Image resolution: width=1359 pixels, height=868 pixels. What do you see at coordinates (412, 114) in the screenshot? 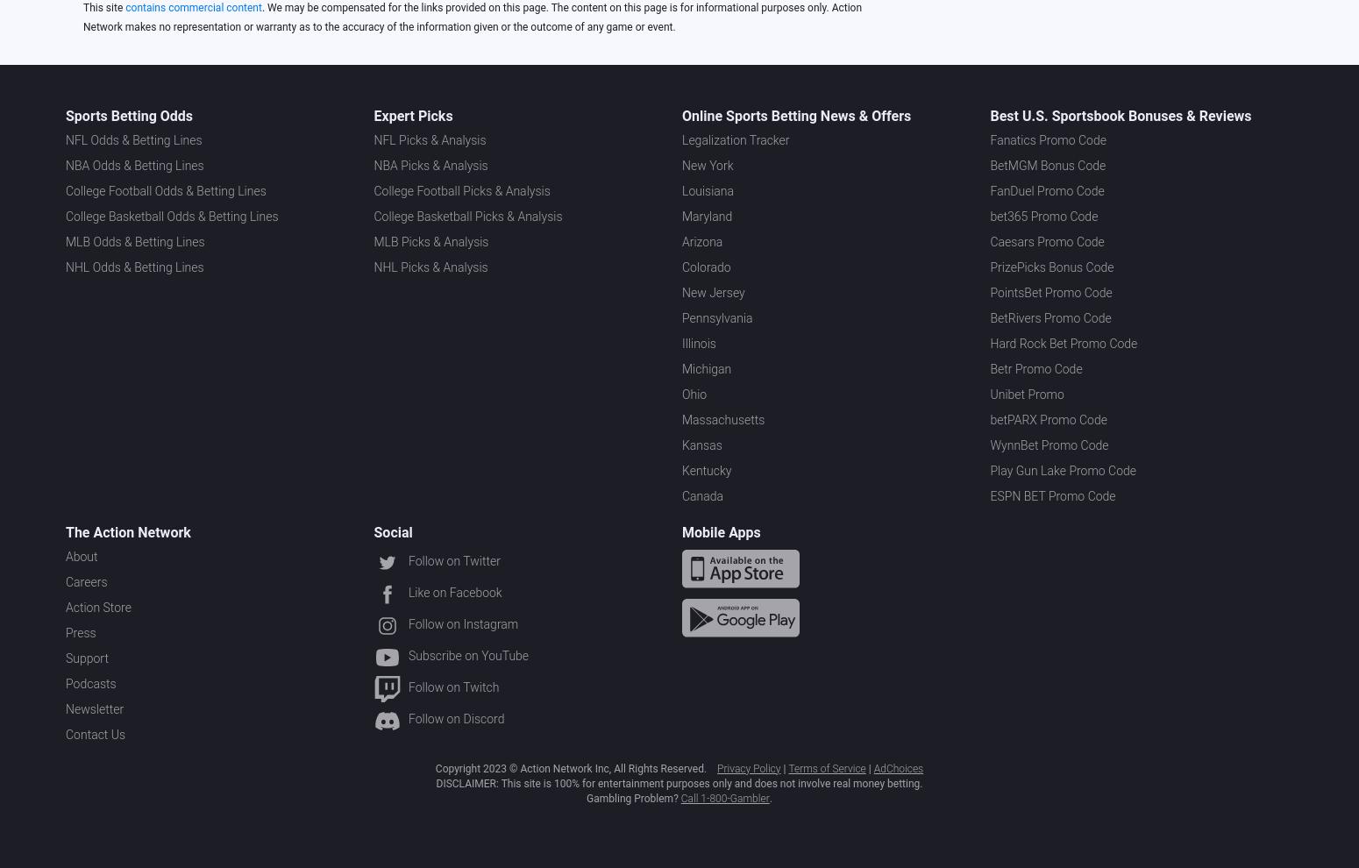
I see `'Expert Picks'` at bounding box center [412, 114].